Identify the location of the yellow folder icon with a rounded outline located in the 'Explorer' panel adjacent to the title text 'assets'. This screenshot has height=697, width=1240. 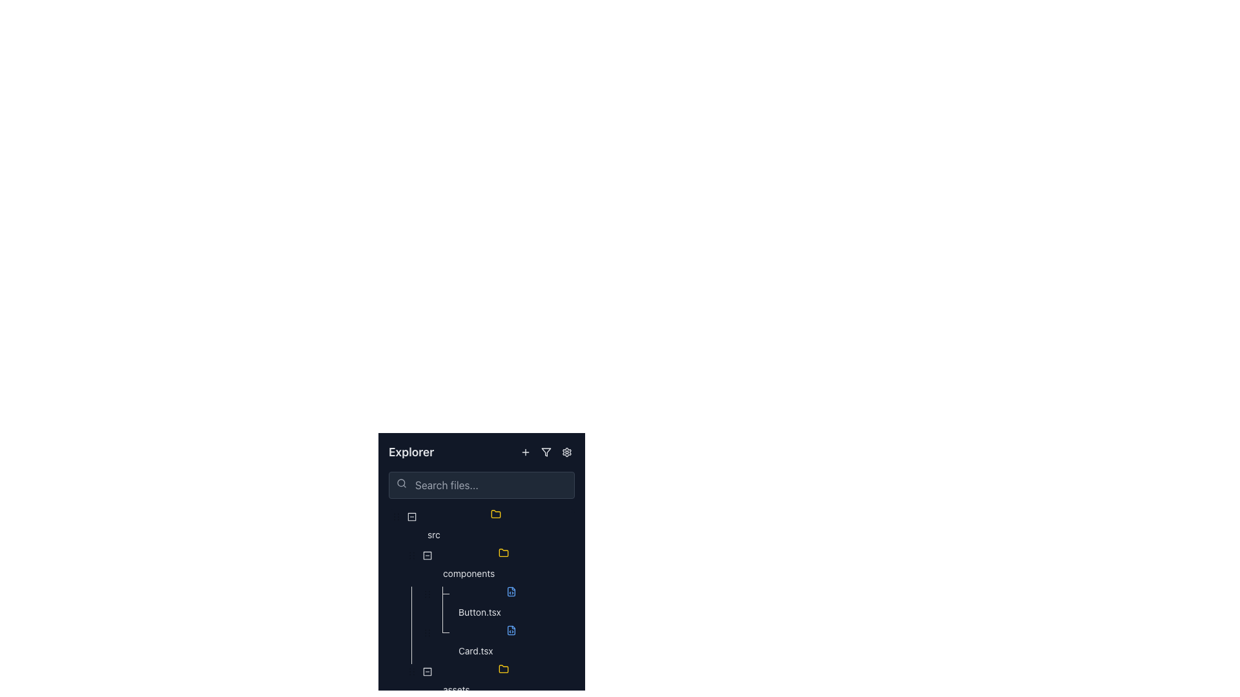
(505, 671).